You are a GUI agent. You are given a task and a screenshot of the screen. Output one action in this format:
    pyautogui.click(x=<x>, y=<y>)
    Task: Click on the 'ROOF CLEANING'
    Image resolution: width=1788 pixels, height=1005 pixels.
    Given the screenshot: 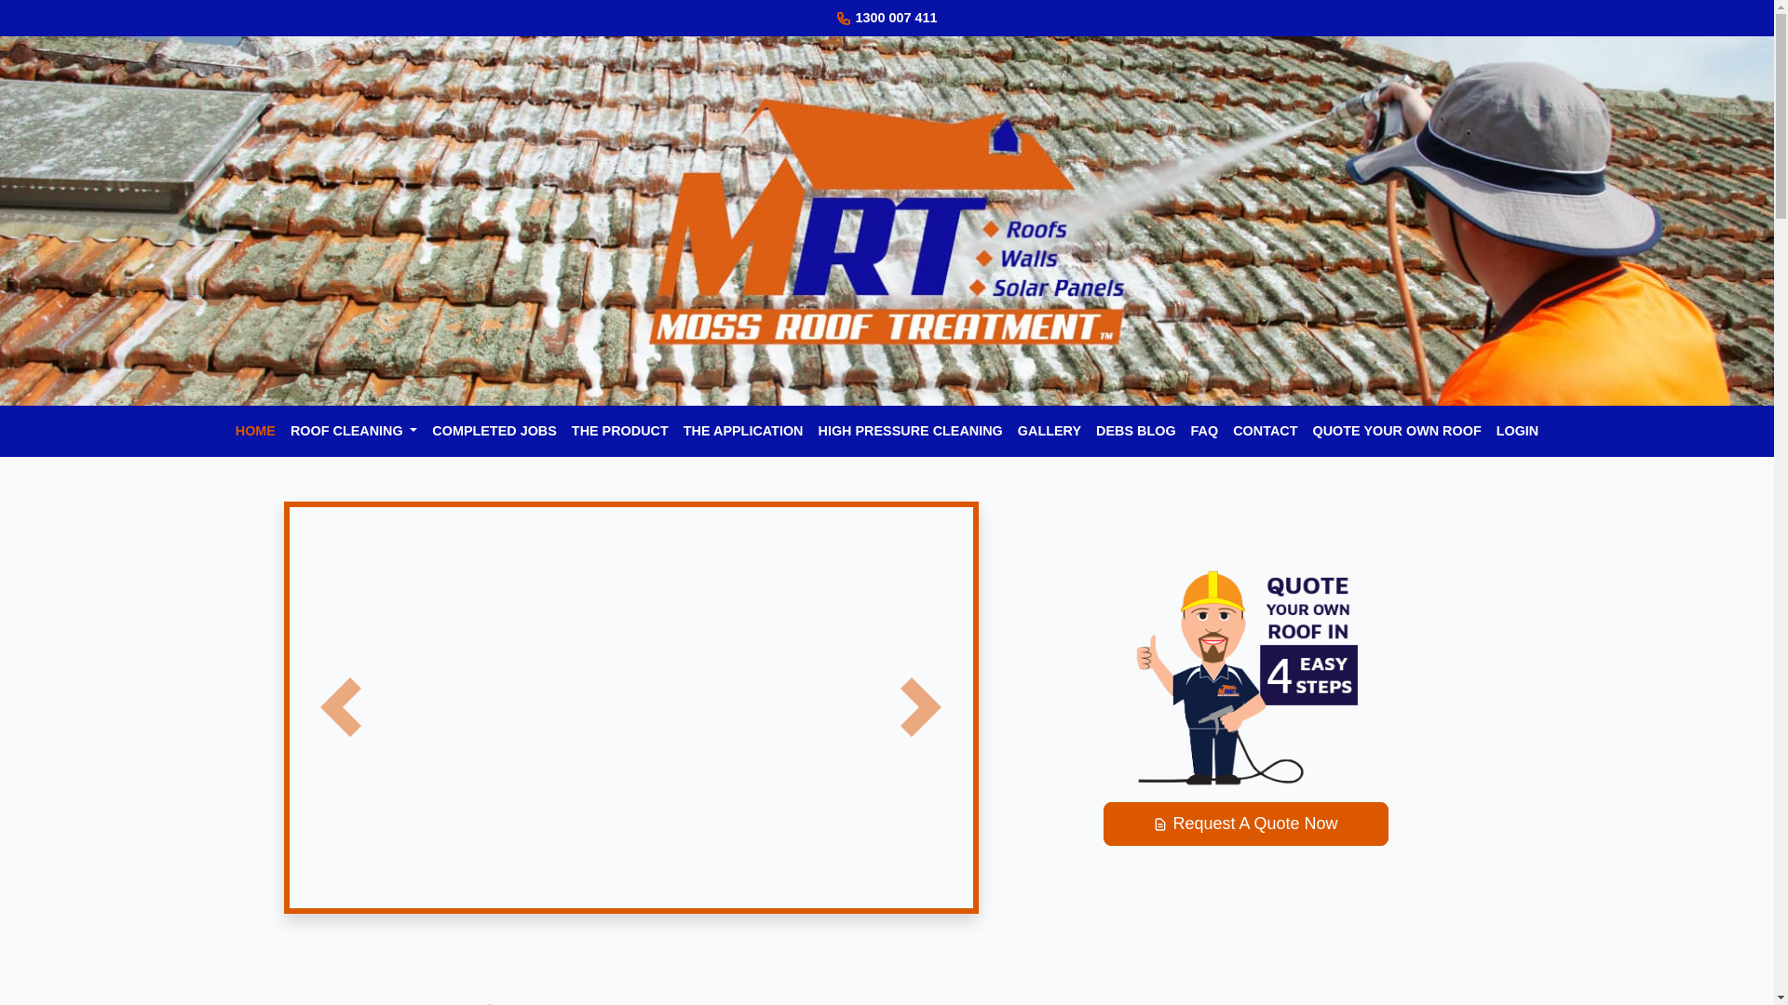 What is the action you would take?
    pyautogui.click(x=353, y=431)
    